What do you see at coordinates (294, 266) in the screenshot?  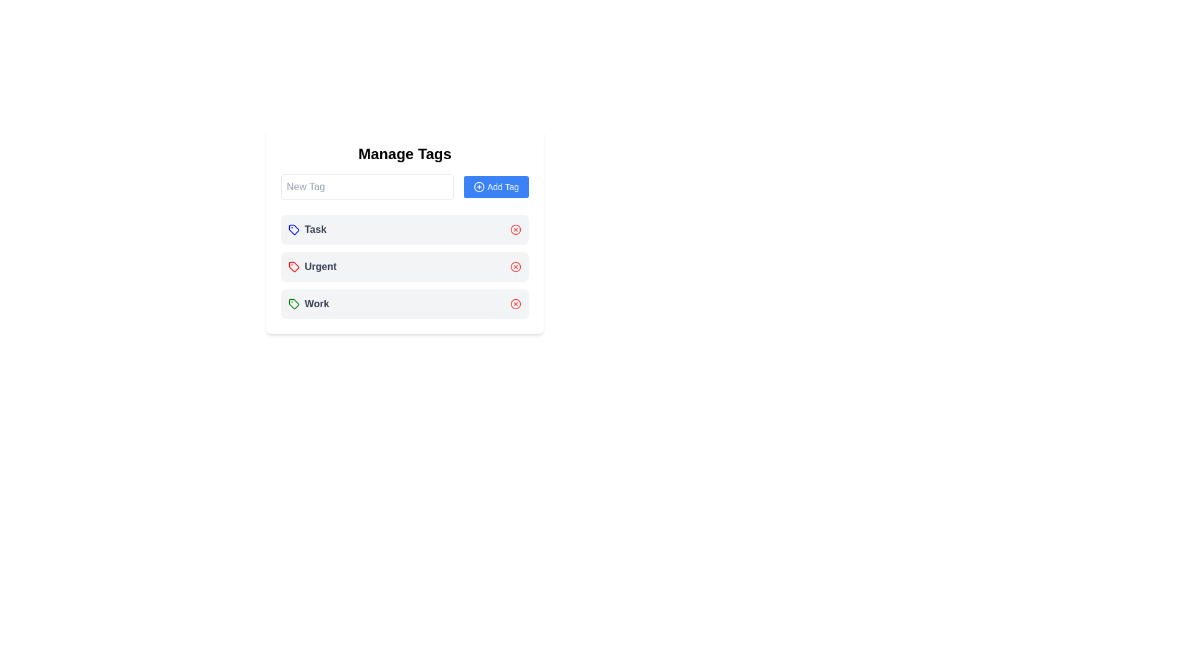 I see `the red outlined tag icon located in the second row next` at bounding box center [294, 266].